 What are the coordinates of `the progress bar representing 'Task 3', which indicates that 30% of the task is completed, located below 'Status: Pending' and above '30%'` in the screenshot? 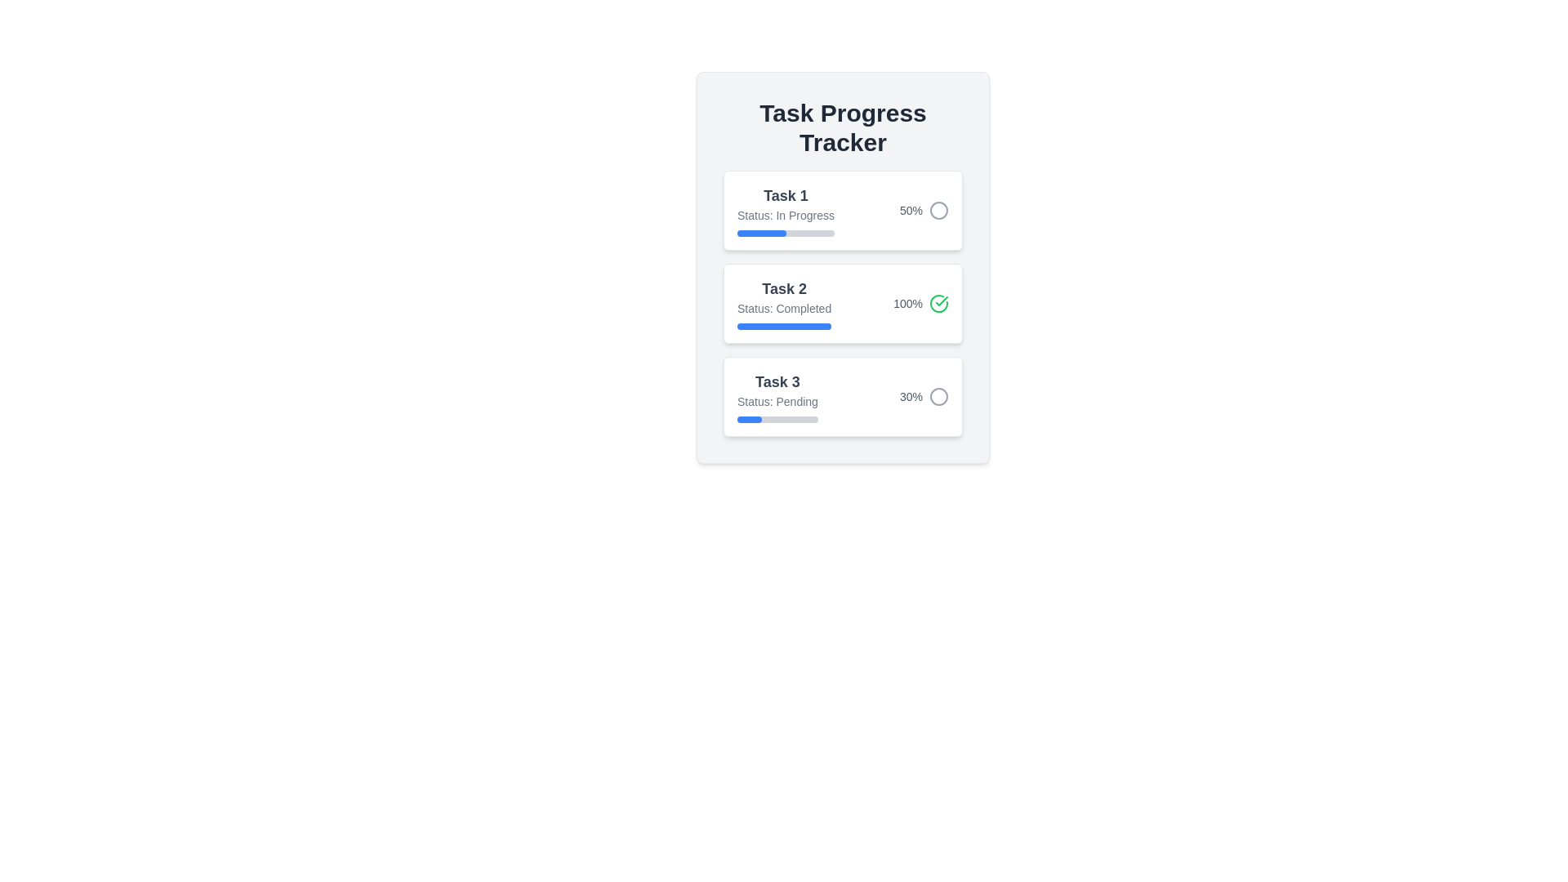 It's located at (777, 418).